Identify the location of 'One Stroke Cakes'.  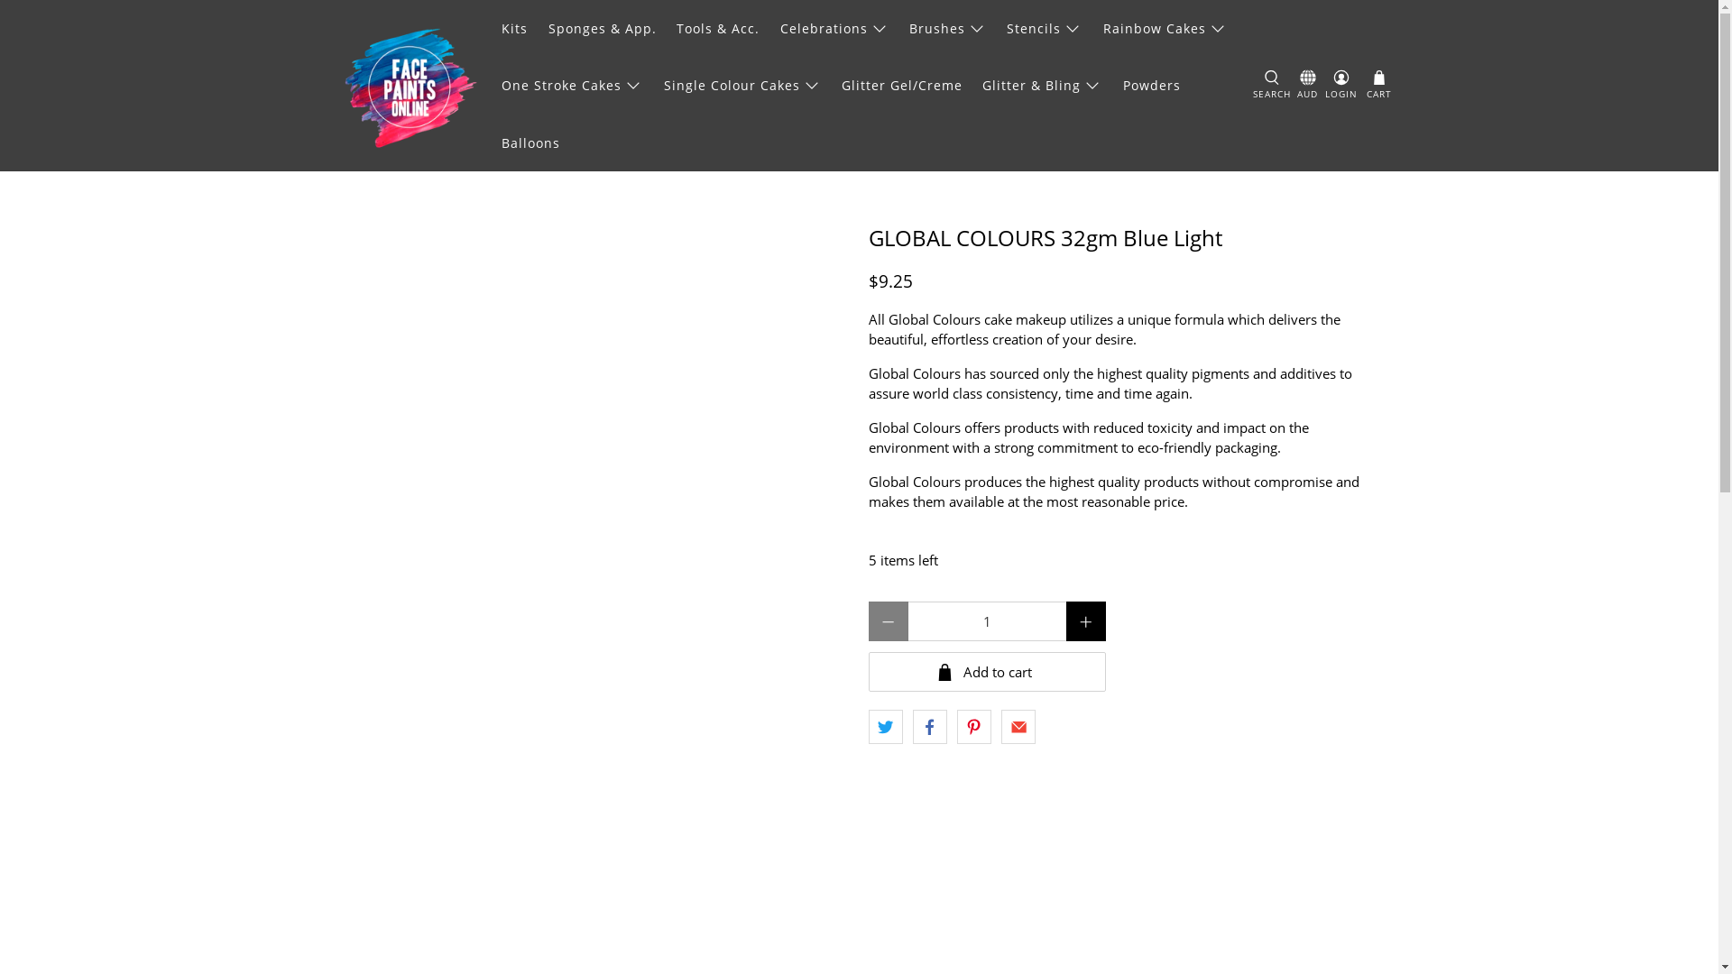
(571, 85).